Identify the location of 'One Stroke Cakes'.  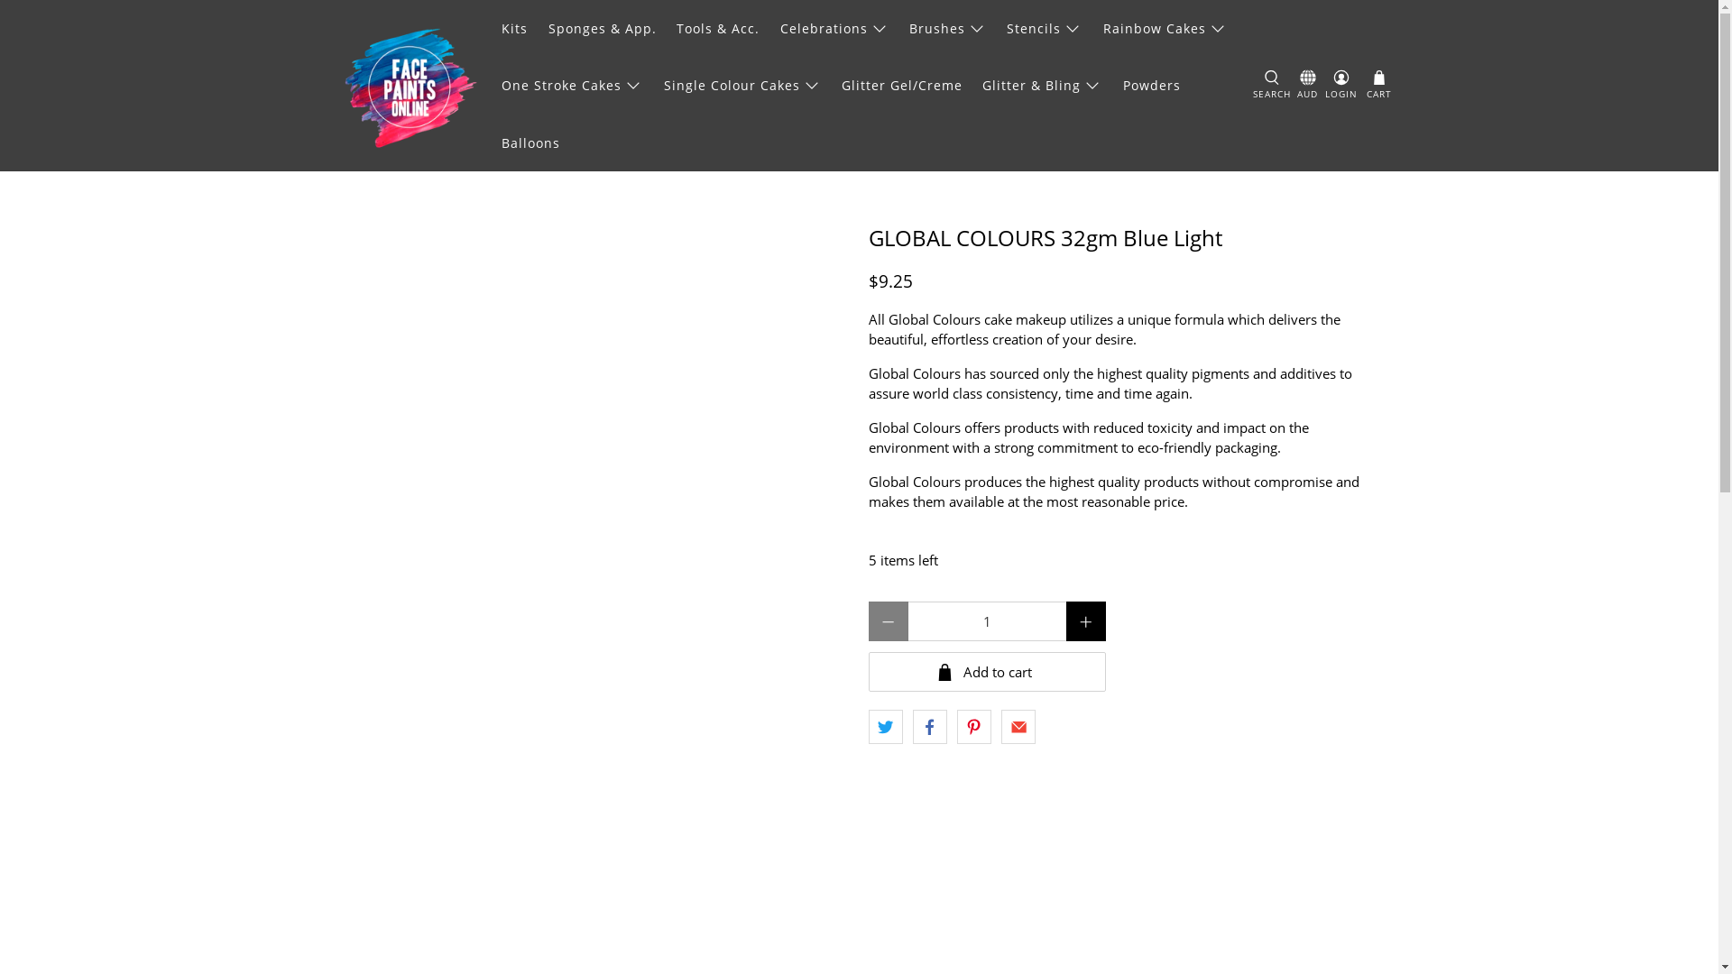
(571, 85).